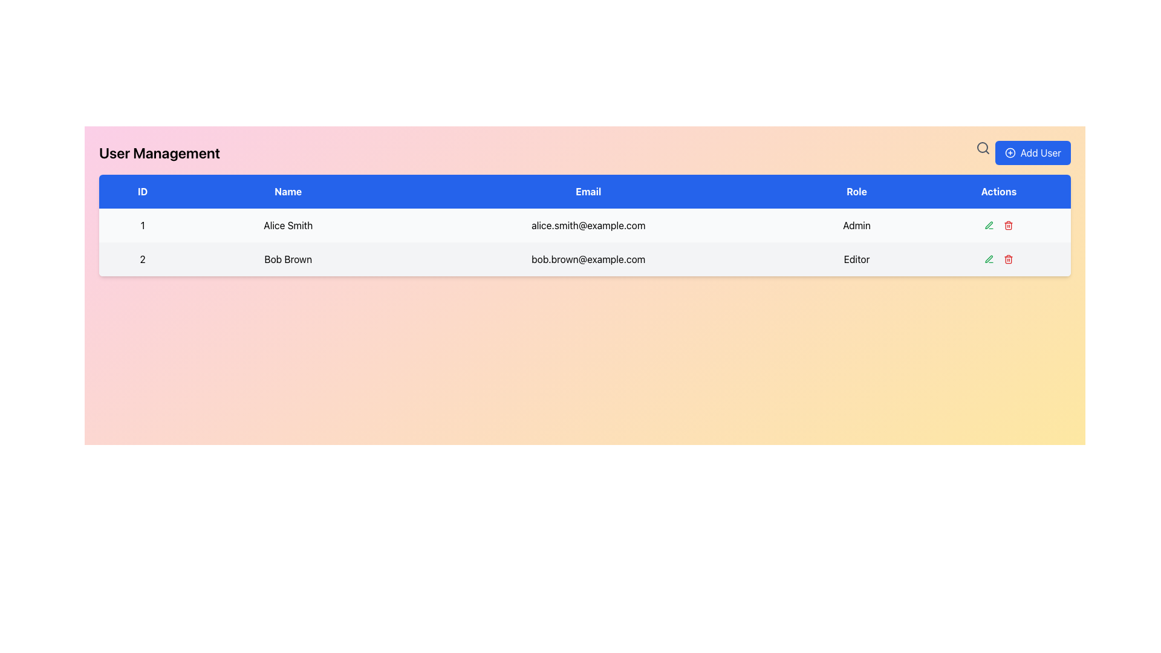 The image size is (1161, 653). I want to click on the centered numerical text '1' in the first column of the user management table's first row, located under the 'ID' column header, so click(143, 226).